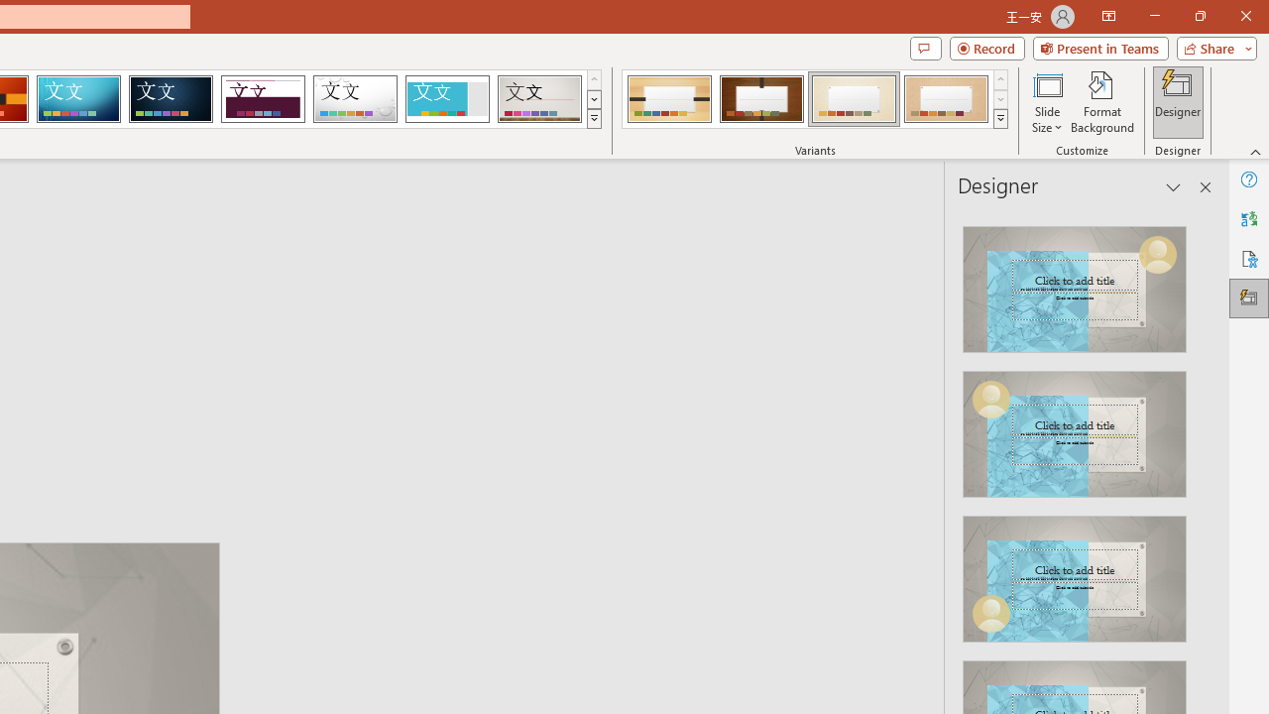  What do you see at coordinates (760, 99) in the screenshot?
I see `'Organic Variant 2'` at bounding box center [760, 99].